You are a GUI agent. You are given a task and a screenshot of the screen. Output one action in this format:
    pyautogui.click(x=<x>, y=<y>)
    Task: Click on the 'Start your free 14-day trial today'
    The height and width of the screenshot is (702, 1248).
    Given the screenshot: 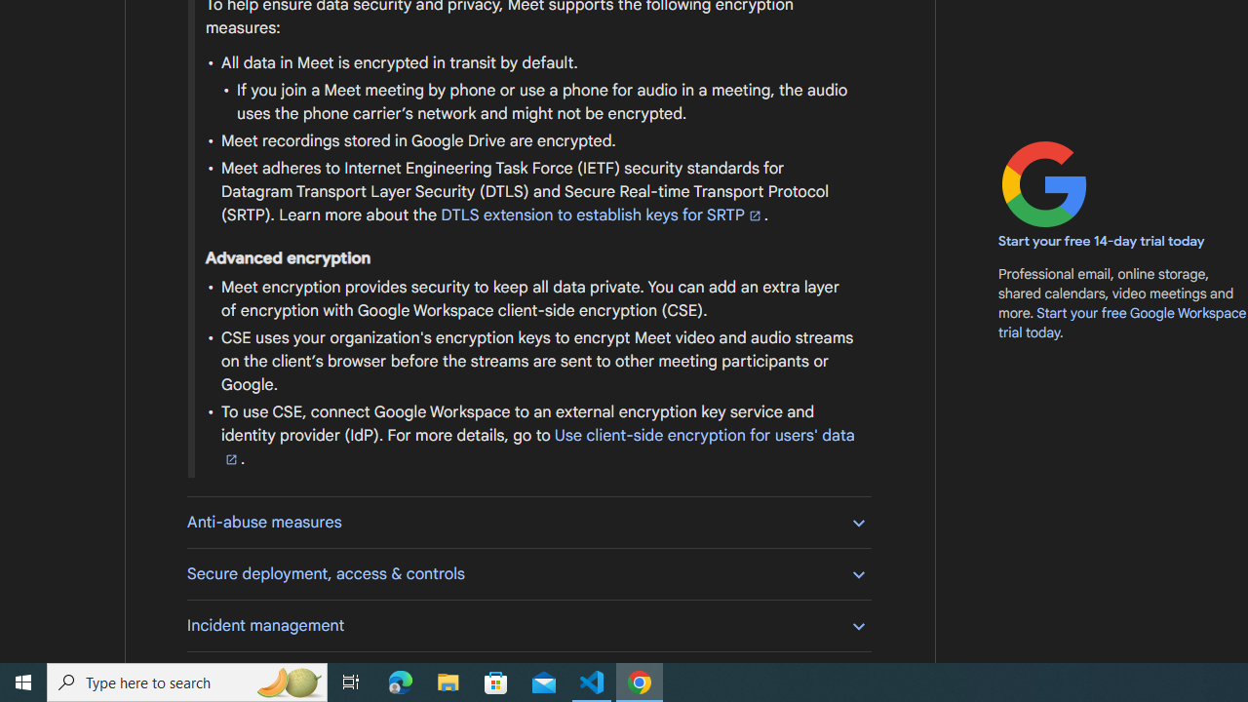 What is the action you would take?
    pyautogui.click(x=1102, y=240)
    